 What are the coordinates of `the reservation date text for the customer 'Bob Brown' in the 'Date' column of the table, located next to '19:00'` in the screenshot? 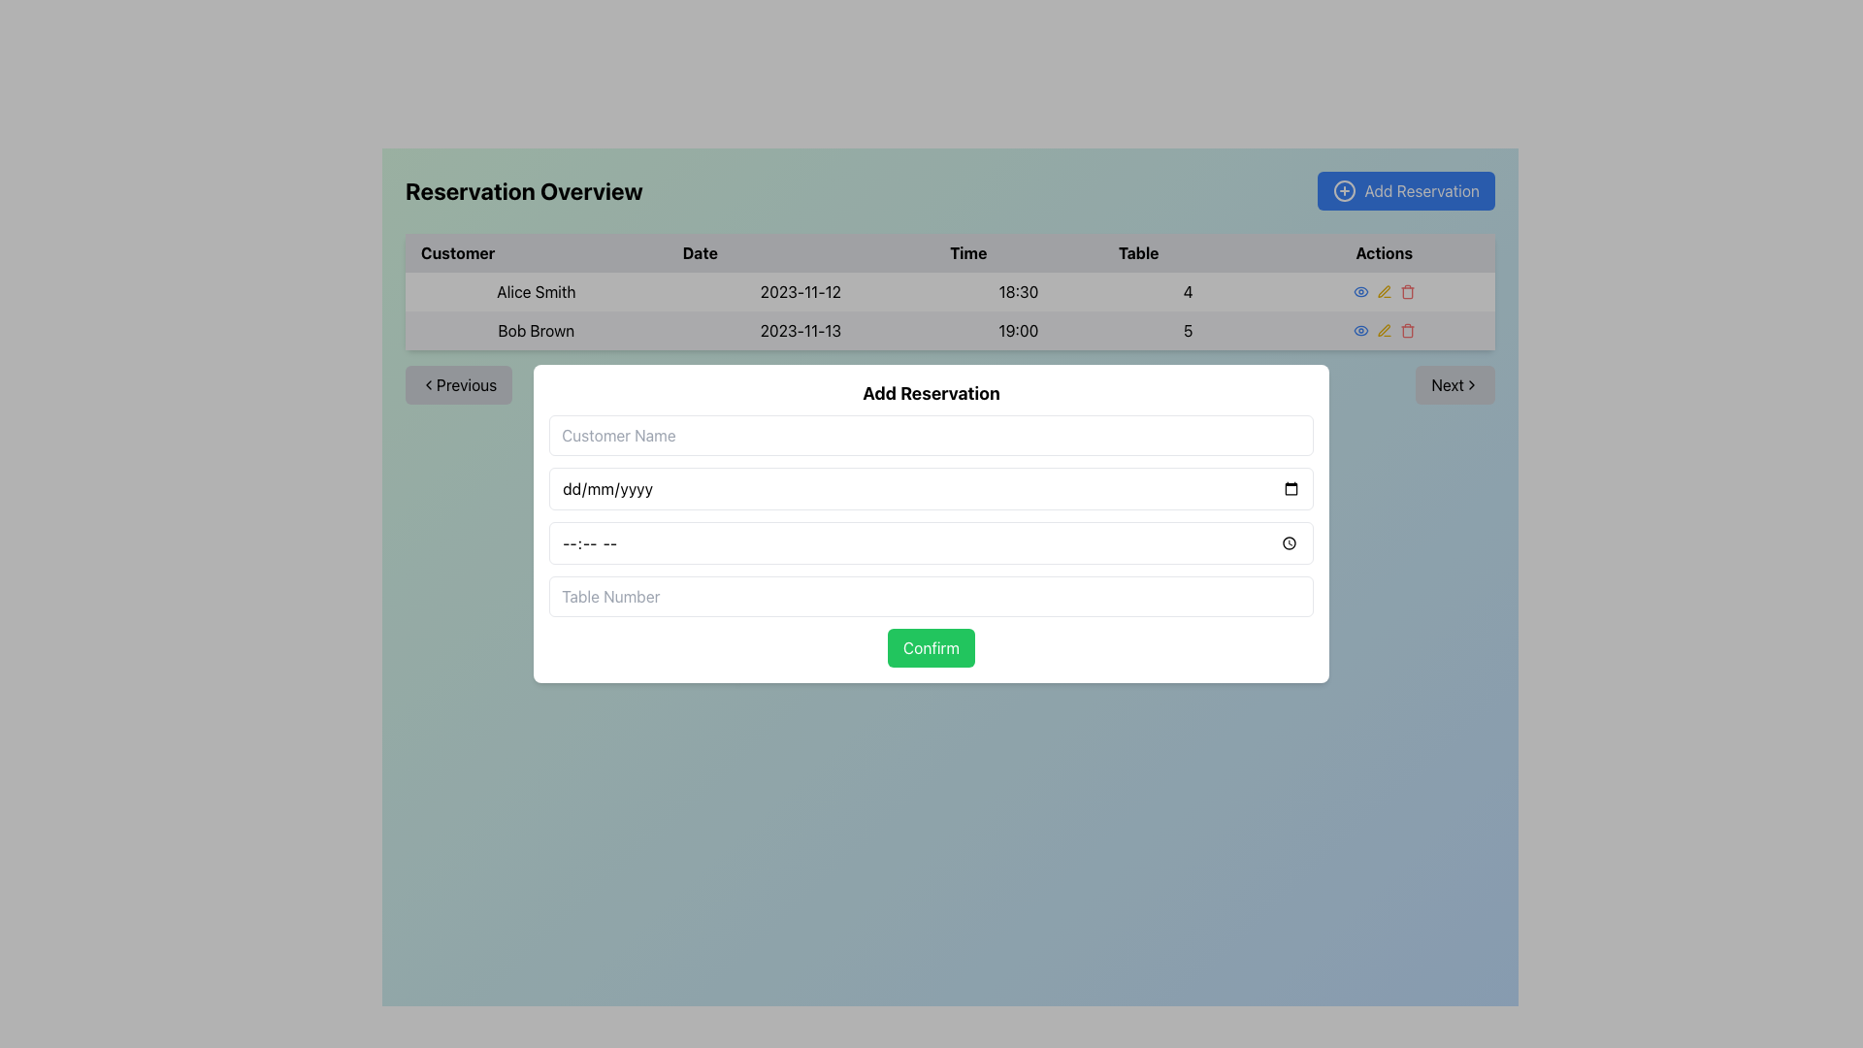 It's located at (801, 329).